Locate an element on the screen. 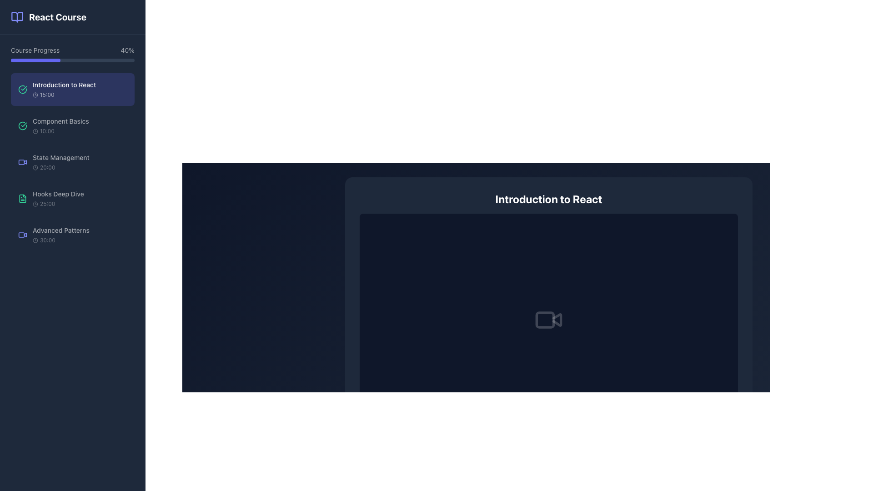  the progress bar located below the 'Course Progress' label and to the left of the '40%' text indicator, which has a dark gray background and a vibrant purple section representing approximately 40% progress is located at coordinates (72, 60).